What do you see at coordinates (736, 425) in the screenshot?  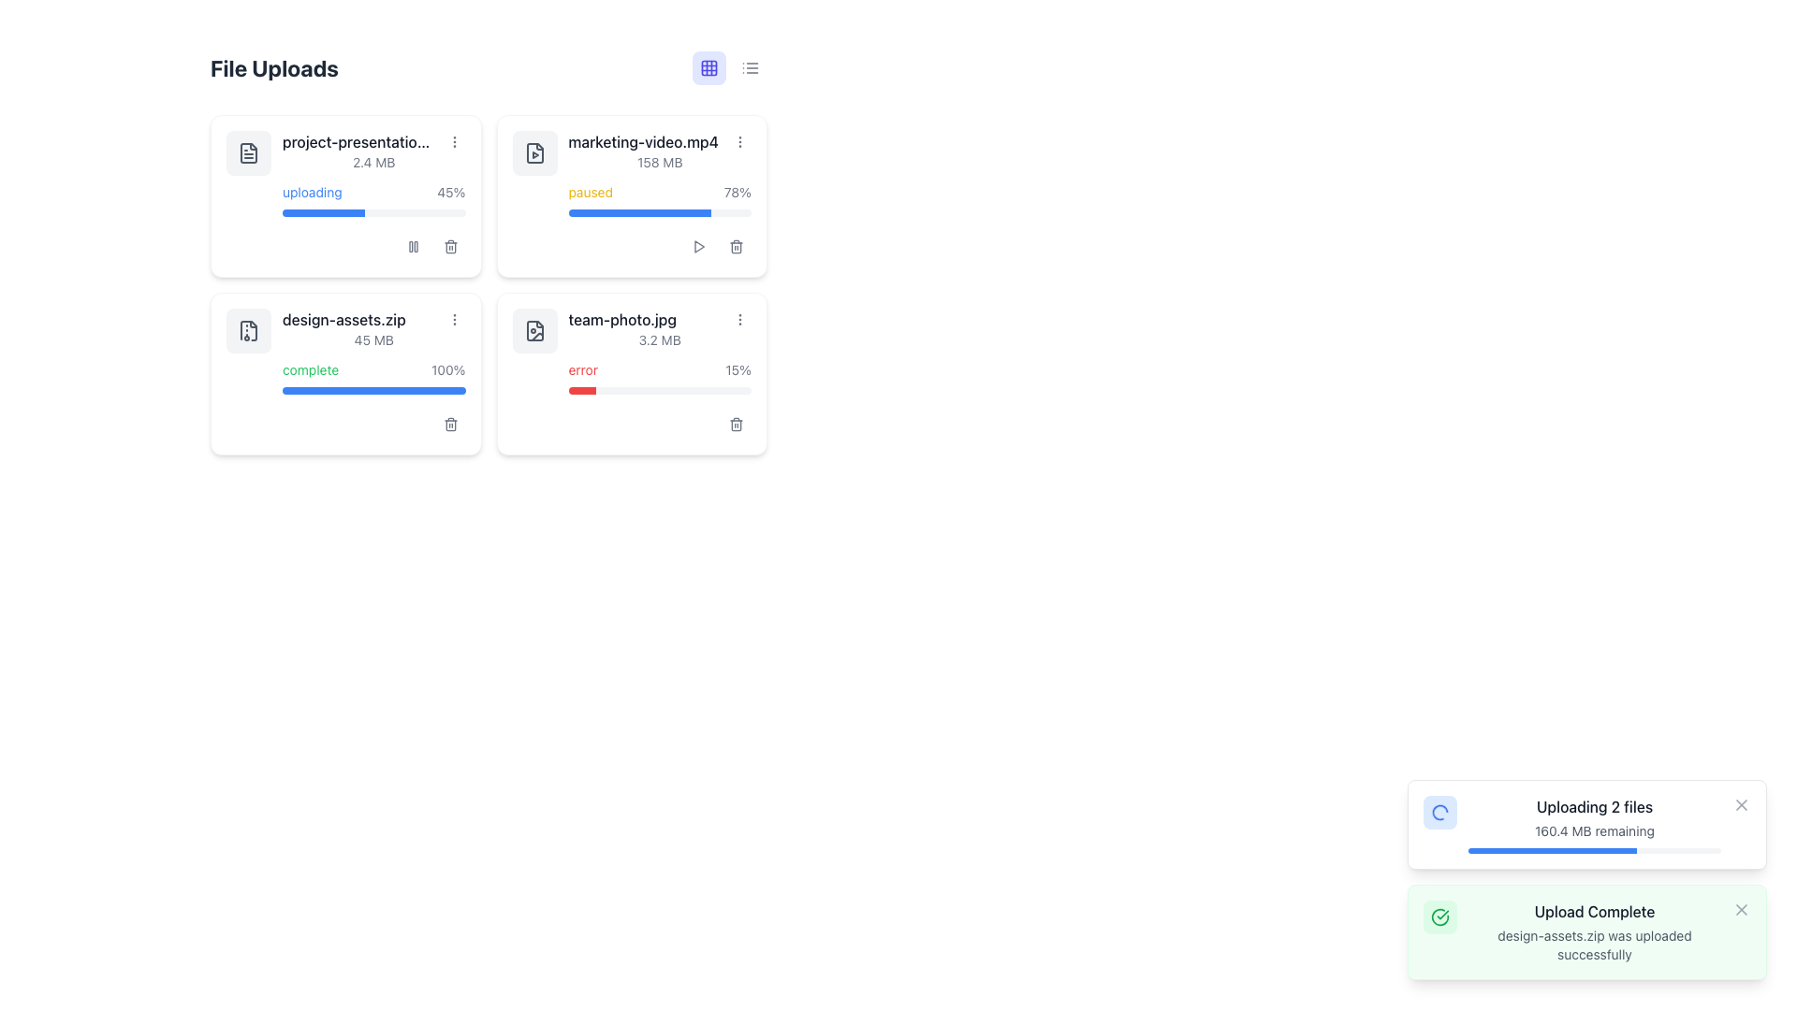 I see `the Trash/Delete icon located in the bottom-right corner of the card for the file 'team-photo.jpg'` at bounding box center [736, 425].